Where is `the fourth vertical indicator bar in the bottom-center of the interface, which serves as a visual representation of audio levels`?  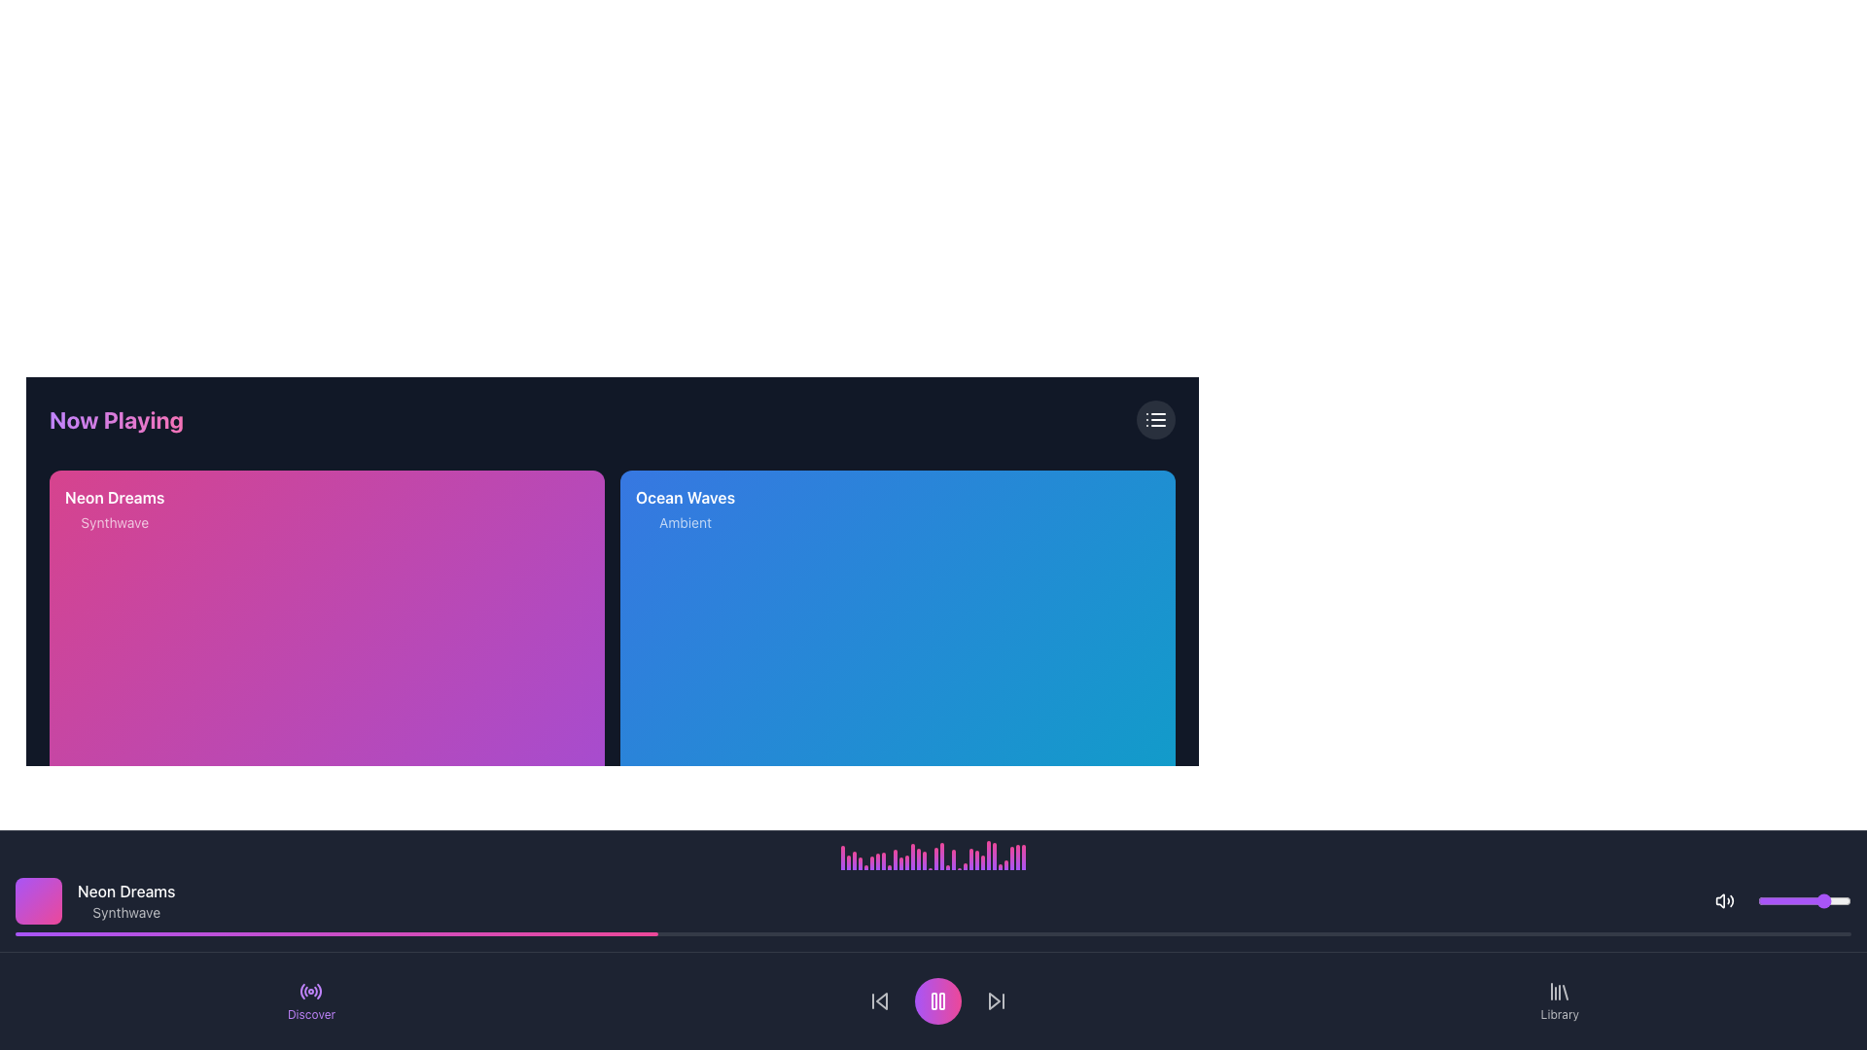 the fourth vertical indicator bar in the bottom-center of the interface, which serves as a visual representation of audio levels is located at coordinates (859, 857).